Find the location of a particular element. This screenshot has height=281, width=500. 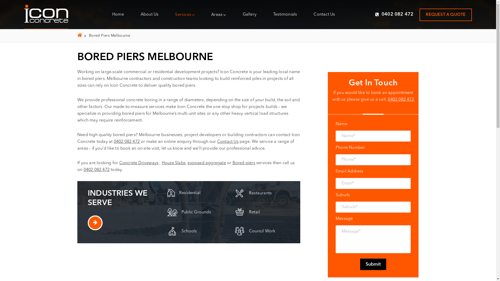

'Contact Us' is located at coordinates (217, 142).